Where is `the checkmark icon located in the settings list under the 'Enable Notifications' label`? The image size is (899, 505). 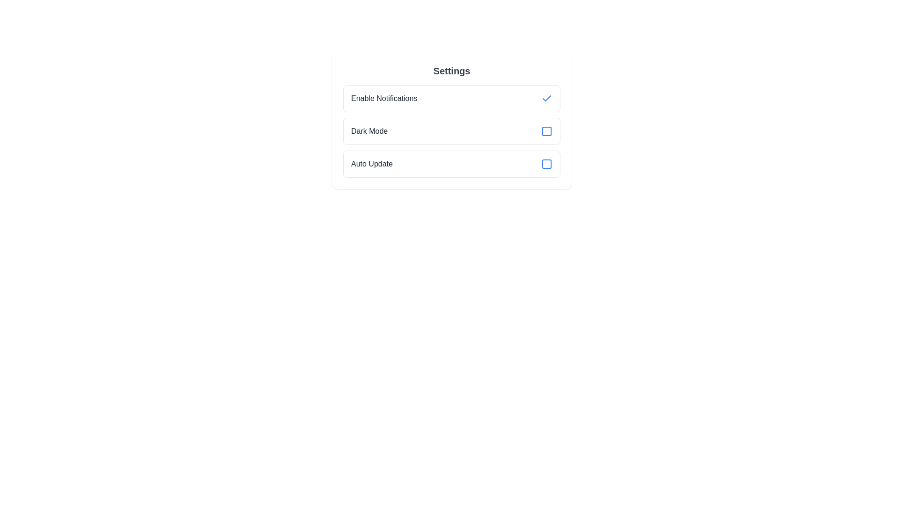 the checkmark icon located in the settings list under the 'Enable Notifications' label is located at coordinates (546, 98).